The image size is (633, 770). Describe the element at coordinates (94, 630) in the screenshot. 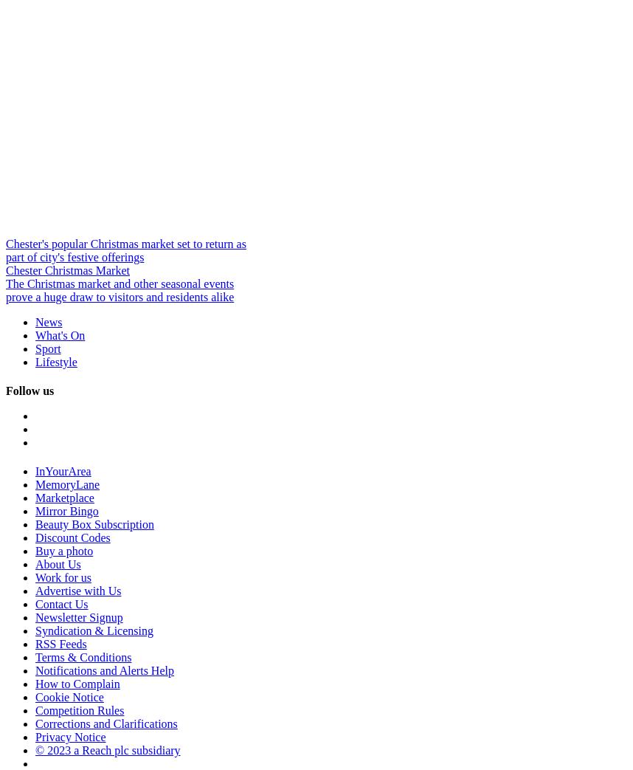

I see `'Syndication & Licensing'` at that location.